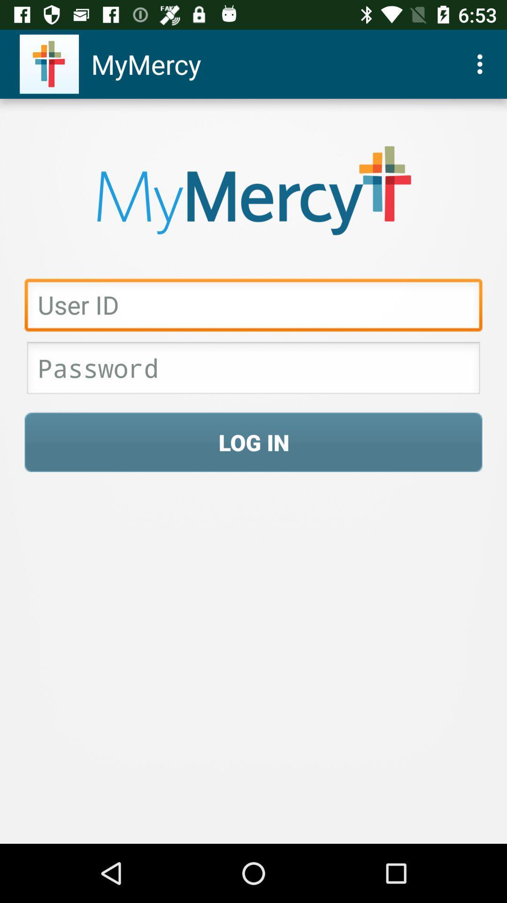 The width and height of the screenshot is (507, 903). I want to click on password field, so click(253, 370).